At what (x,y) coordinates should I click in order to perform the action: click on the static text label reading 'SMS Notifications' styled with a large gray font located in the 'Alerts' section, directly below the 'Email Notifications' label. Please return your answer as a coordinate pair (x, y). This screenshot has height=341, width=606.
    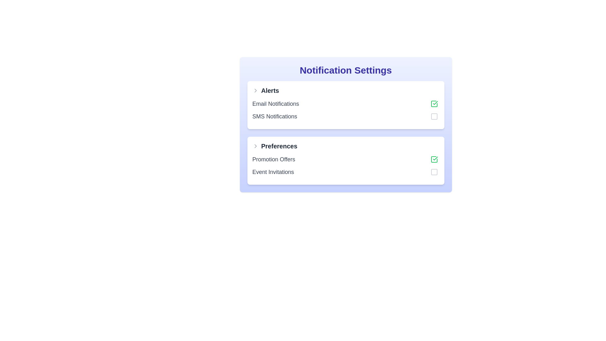
    Looking at the image, I should click on (275, 117).